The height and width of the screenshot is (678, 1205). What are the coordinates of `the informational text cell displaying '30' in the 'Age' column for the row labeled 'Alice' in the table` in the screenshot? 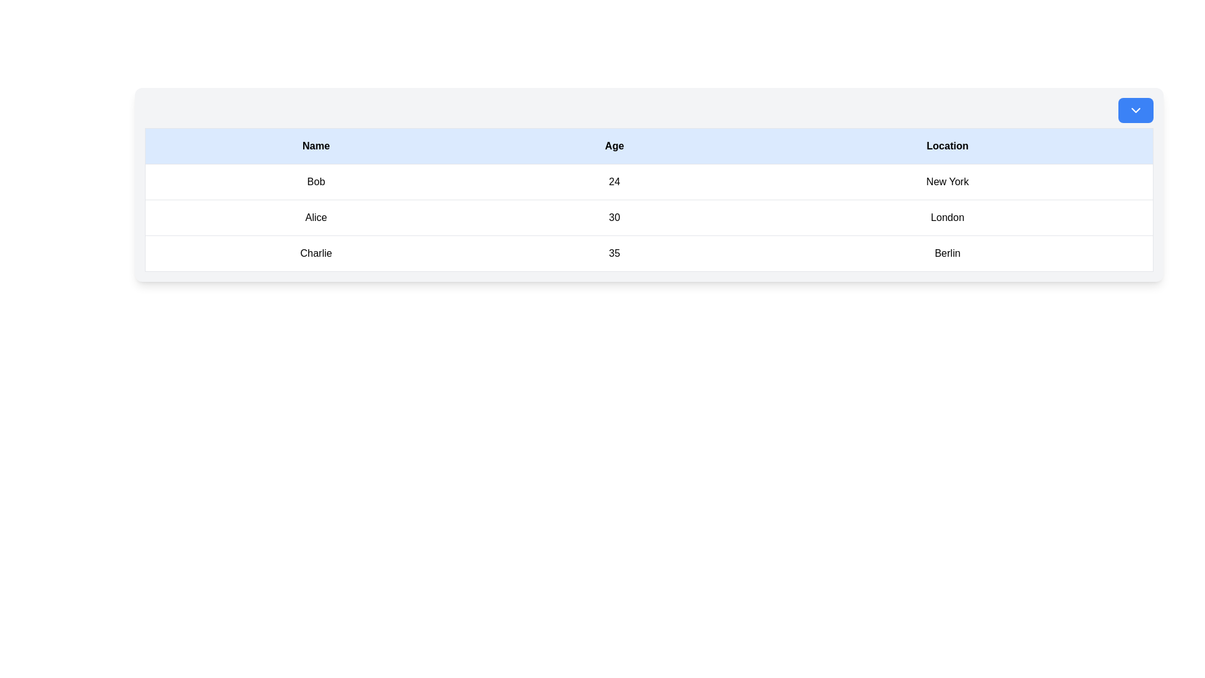 It's located at (614, 217).